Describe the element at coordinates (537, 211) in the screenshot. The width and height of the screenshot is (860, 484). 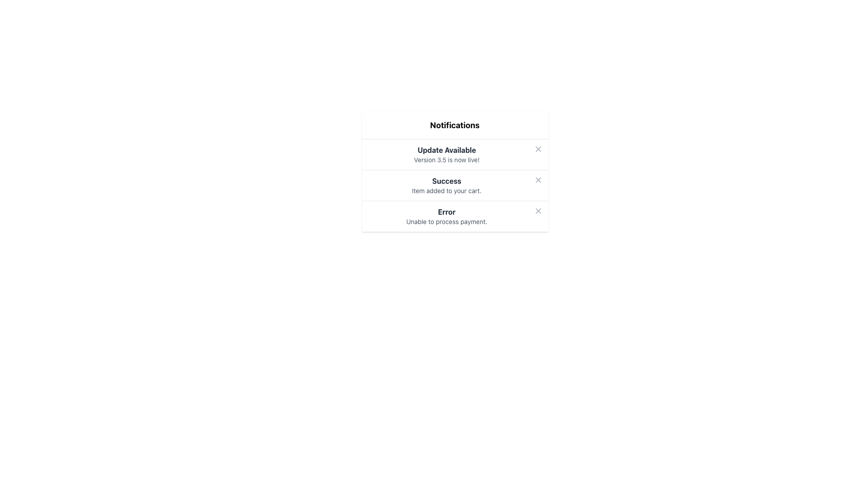
I see `the close button represented by a gray 'X' at the far right of the 'Error' notification labeled 'Unable to process payment'` at that location.